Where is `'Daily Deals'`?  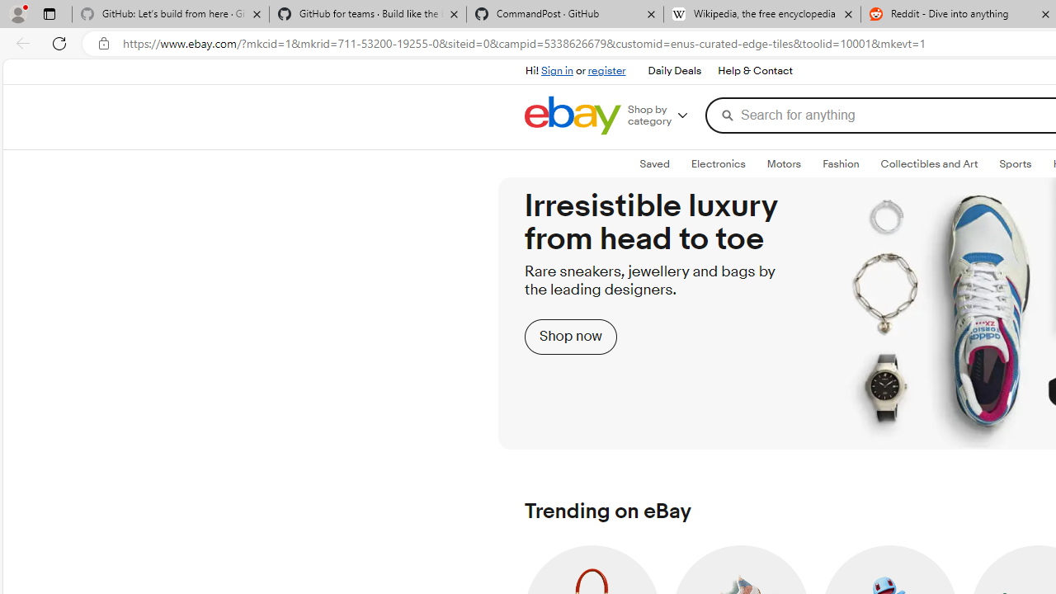 'Daily Deals' is located at coordinates (674, 71).